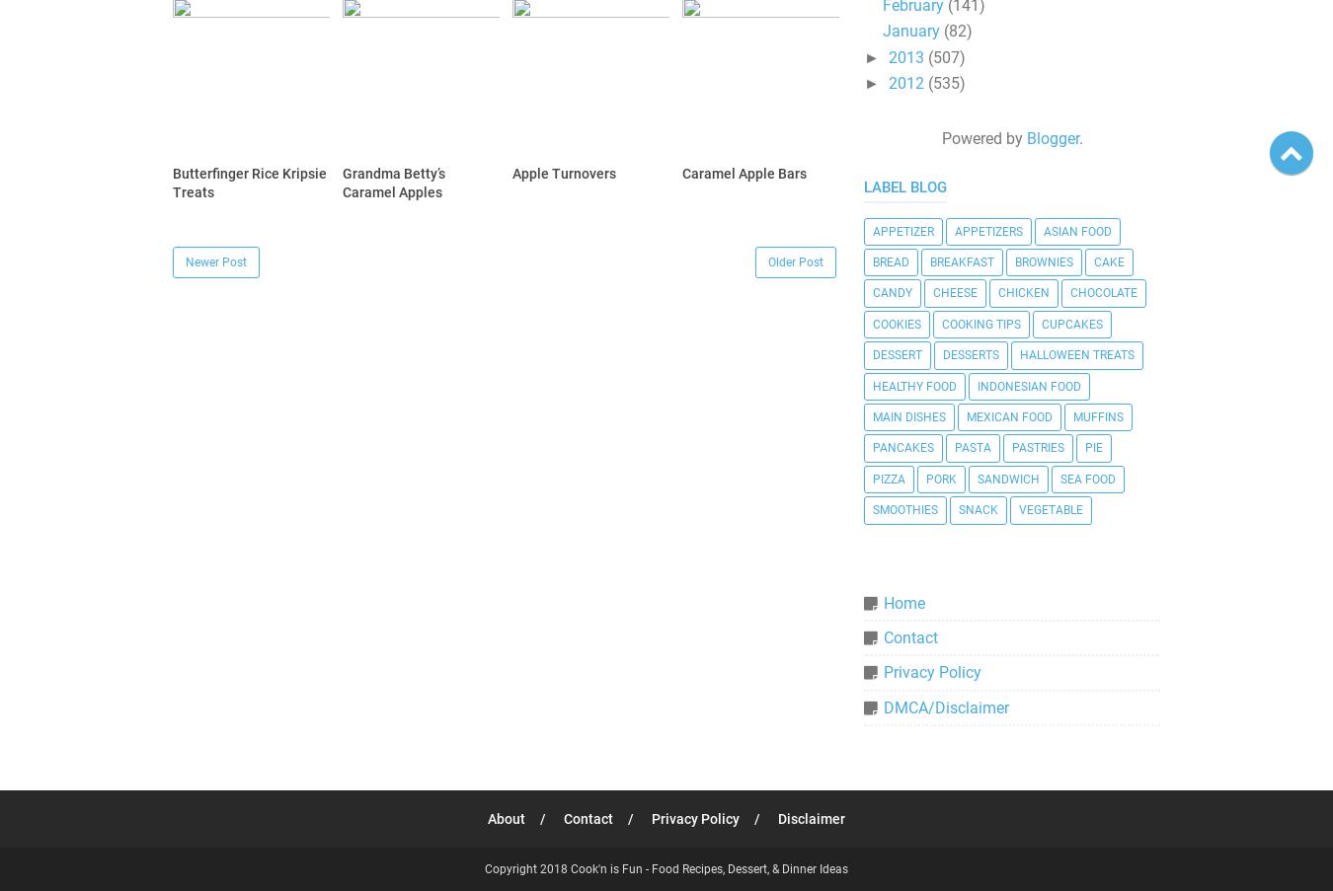 This screenshot has width=1333, height=891. Describe the element at coordinates (890, 261) in the screenshot. I see `'Bread'` at that location.